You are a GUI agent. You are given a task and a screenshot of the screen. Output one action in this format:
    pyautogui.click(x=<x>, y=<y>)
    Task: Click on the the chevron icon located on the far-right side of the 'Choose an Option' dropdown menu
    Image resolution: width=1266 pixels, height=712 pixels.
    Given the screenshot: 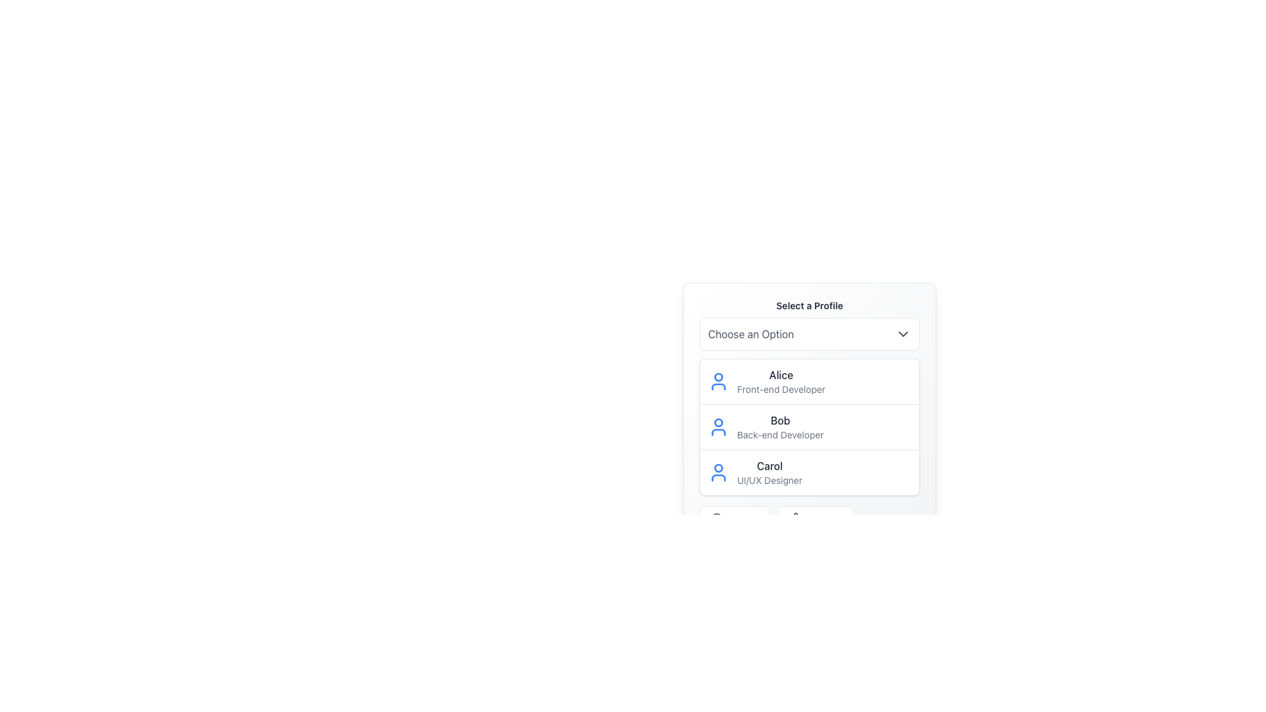 What is the action you would take?
    pyautogui.click(x=902, y=333)
    